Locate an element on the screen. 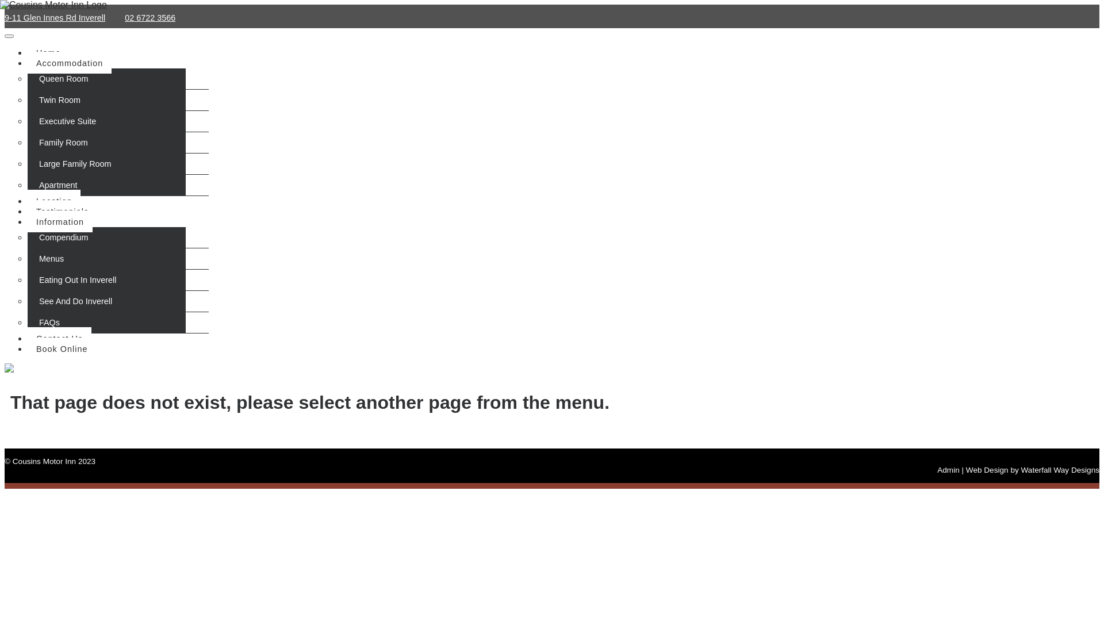  'Information' is located at coordinates (28, 221).